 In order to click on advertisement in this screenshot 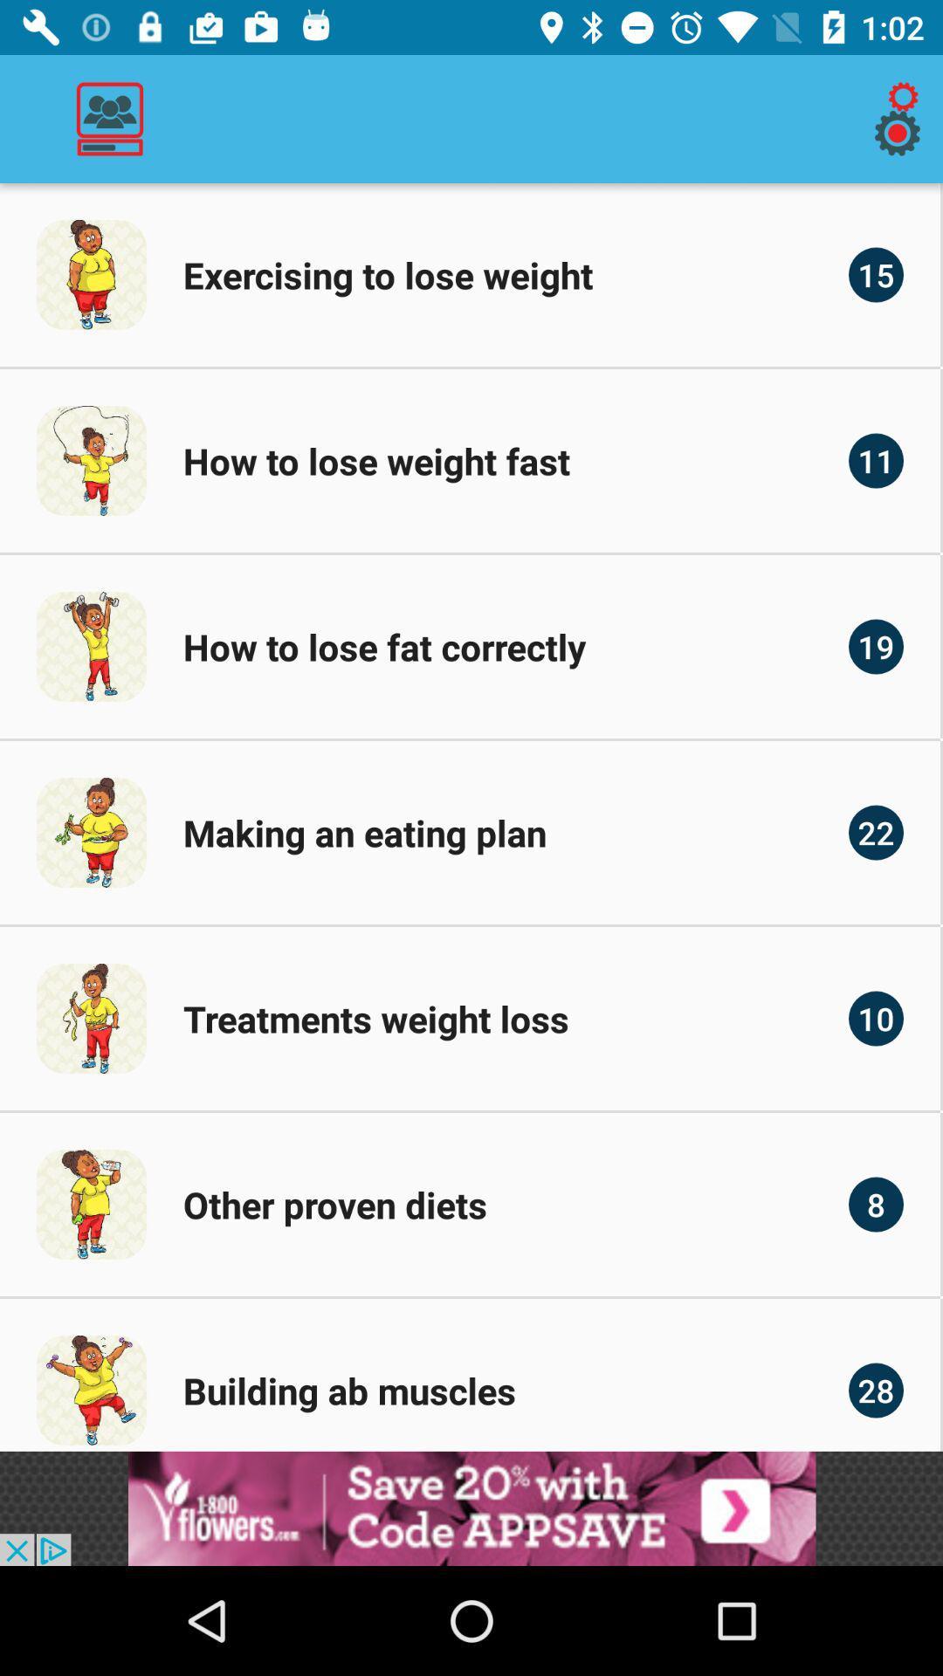, I will do `click(471, 1508)`.